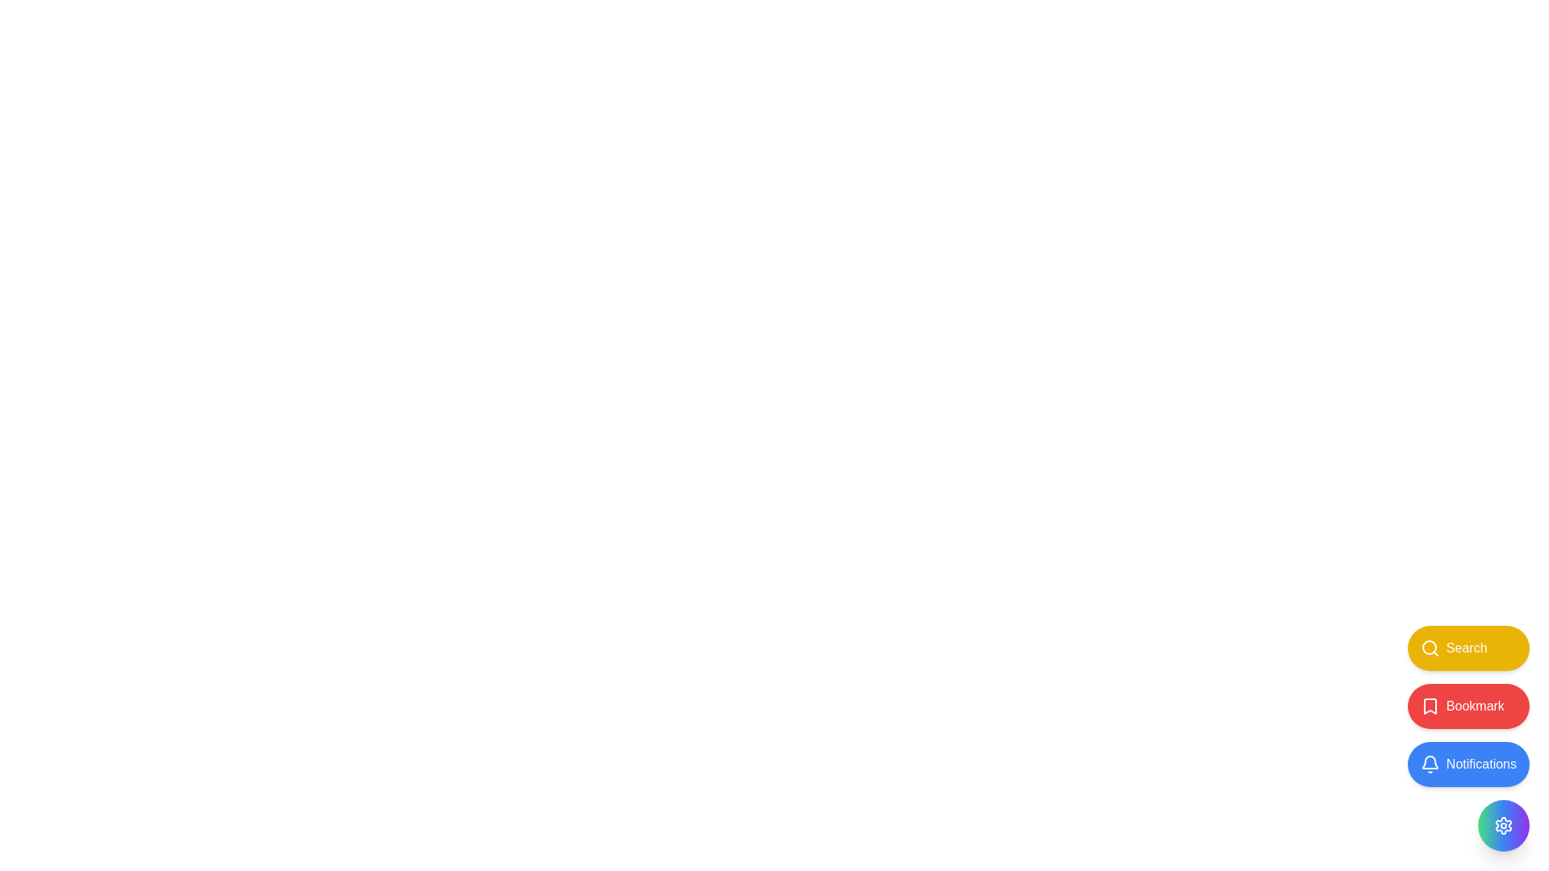 This screenshot has height=871, width=1549. Describe the element at coordinates (1475, 705) in the screenshot. I see `the descriptive text label for the bookmarking button located in the bottom-right corner of the interface` at that location.